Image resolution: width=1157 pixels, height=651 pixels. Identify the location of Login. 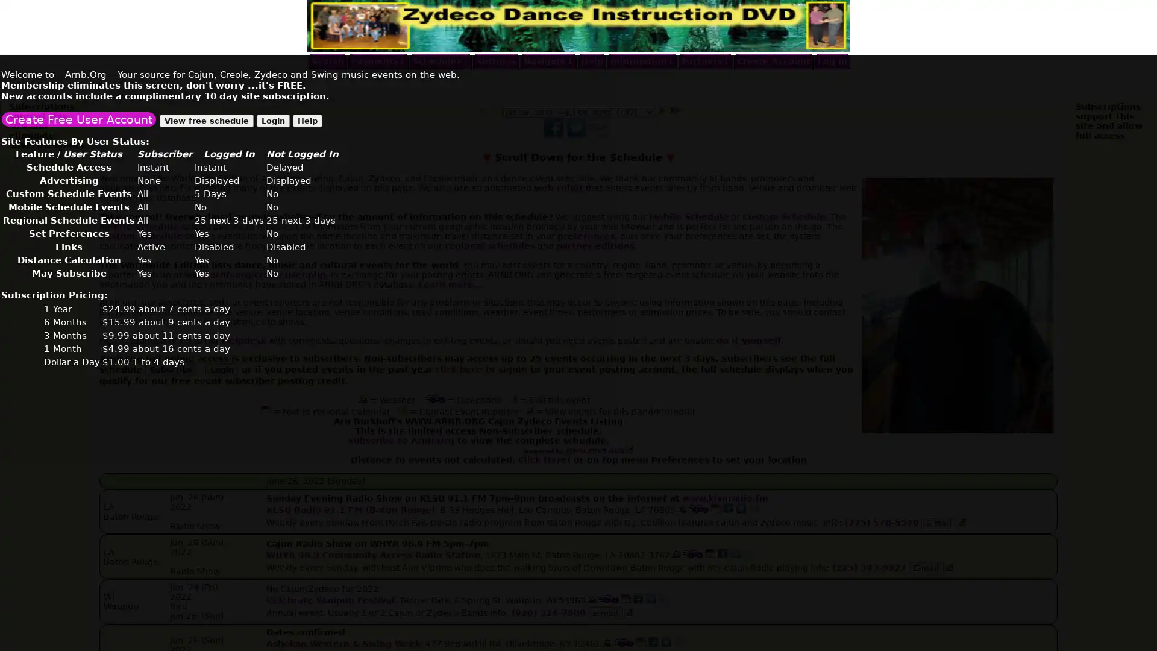
(222, 369).